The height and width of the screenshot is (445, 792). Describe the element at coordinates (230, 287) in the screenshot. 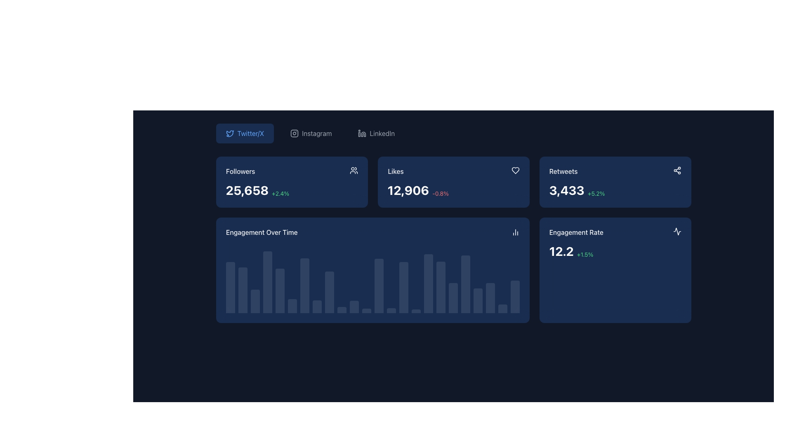

I see `the first vertical bar in the 'Engagement Over Time' chart` at that location.